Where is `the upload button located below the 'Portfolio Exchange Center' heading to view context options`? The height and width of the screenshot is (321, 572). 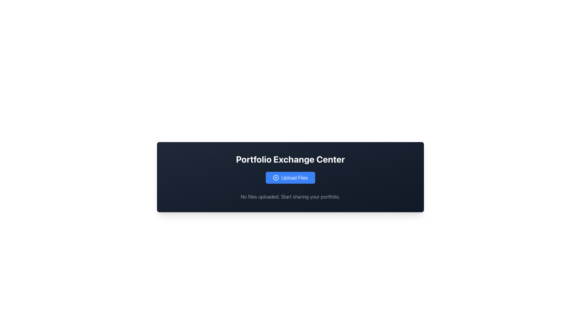 the upload button located below the 'Portfolio Exchange Center' heading to view context options is located at coordinates (290, 177).